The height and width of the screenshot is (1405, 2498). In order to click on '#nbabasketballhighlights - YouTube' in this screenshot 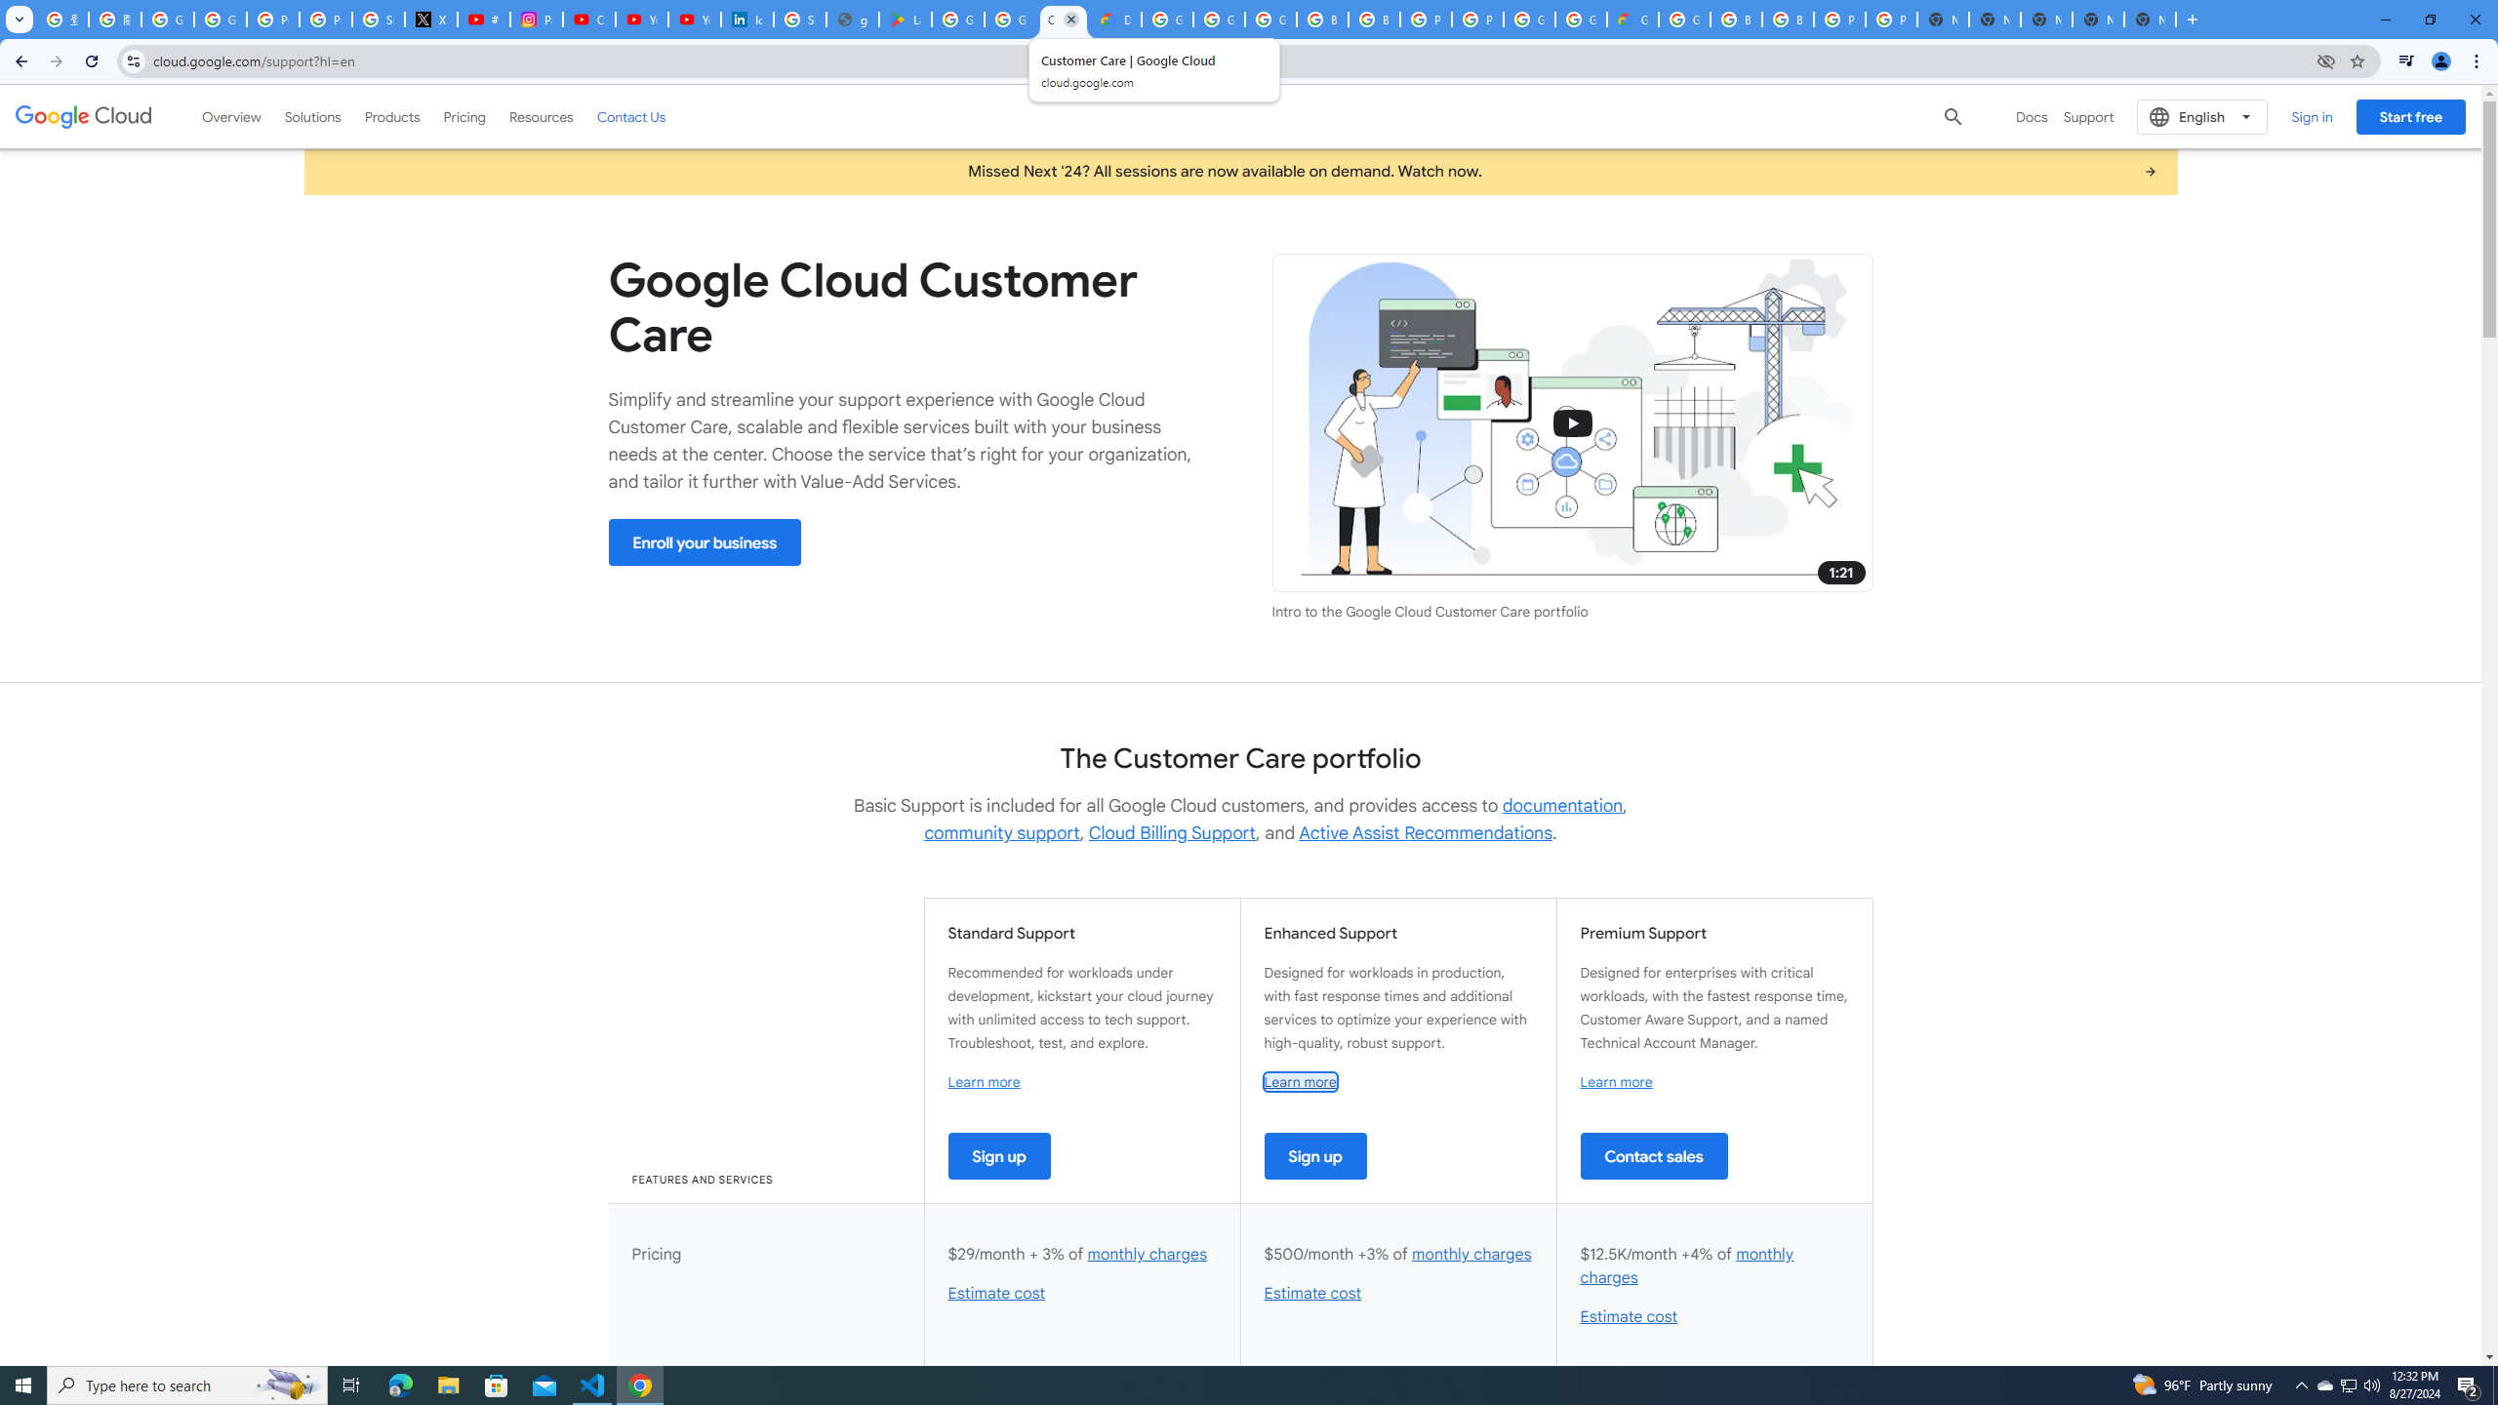, I will do `click(484, 19)`.